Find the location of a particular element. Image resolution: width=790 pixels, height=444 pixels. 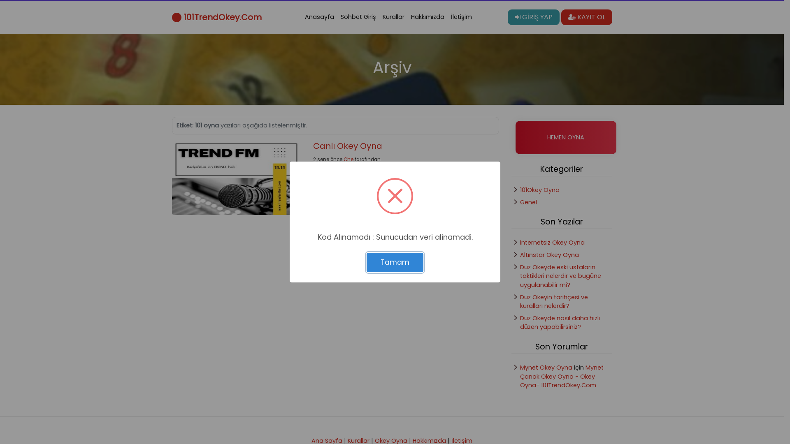

'101TrendOkey.Com' is located at coordinates (171, 17).